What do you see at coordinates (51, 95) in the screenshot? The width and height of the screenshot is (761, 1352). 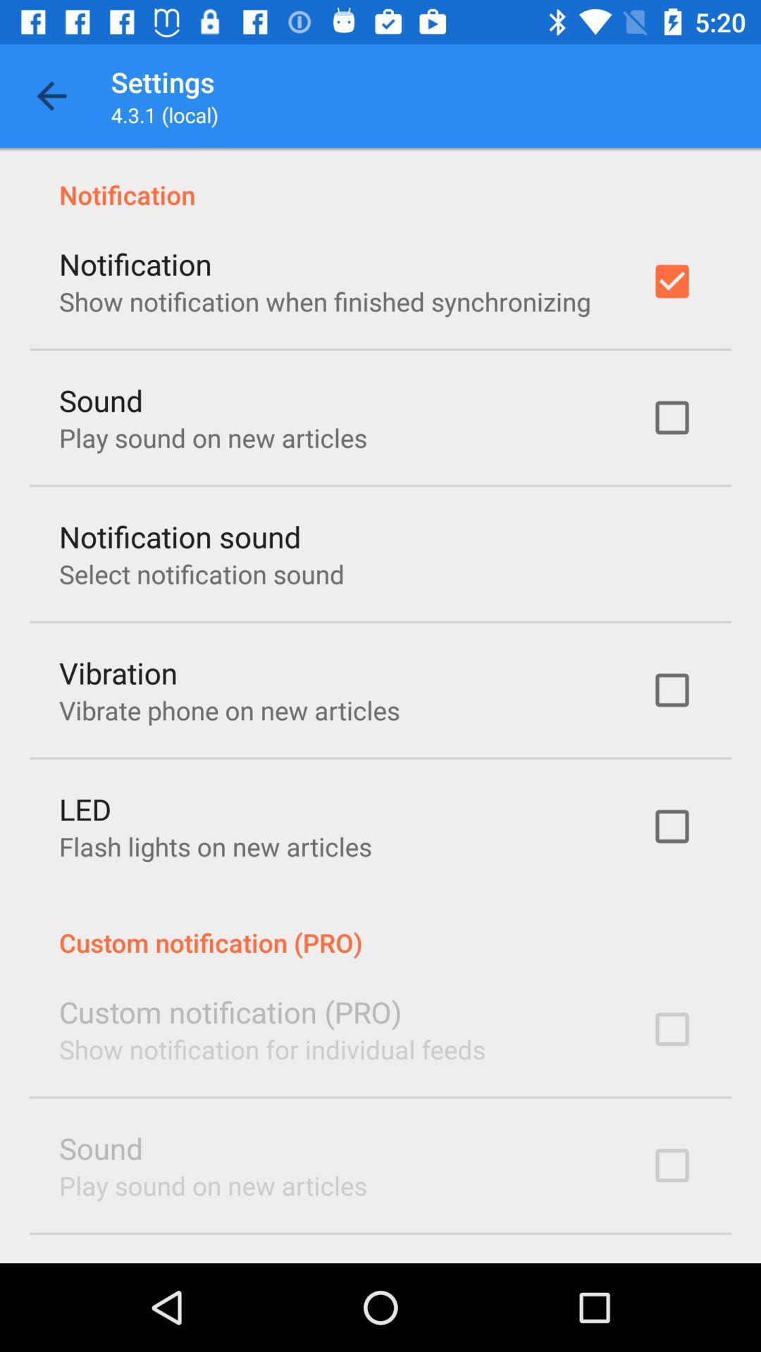 I see `the app to the left of the settings app` at bounding box center [51, 95].